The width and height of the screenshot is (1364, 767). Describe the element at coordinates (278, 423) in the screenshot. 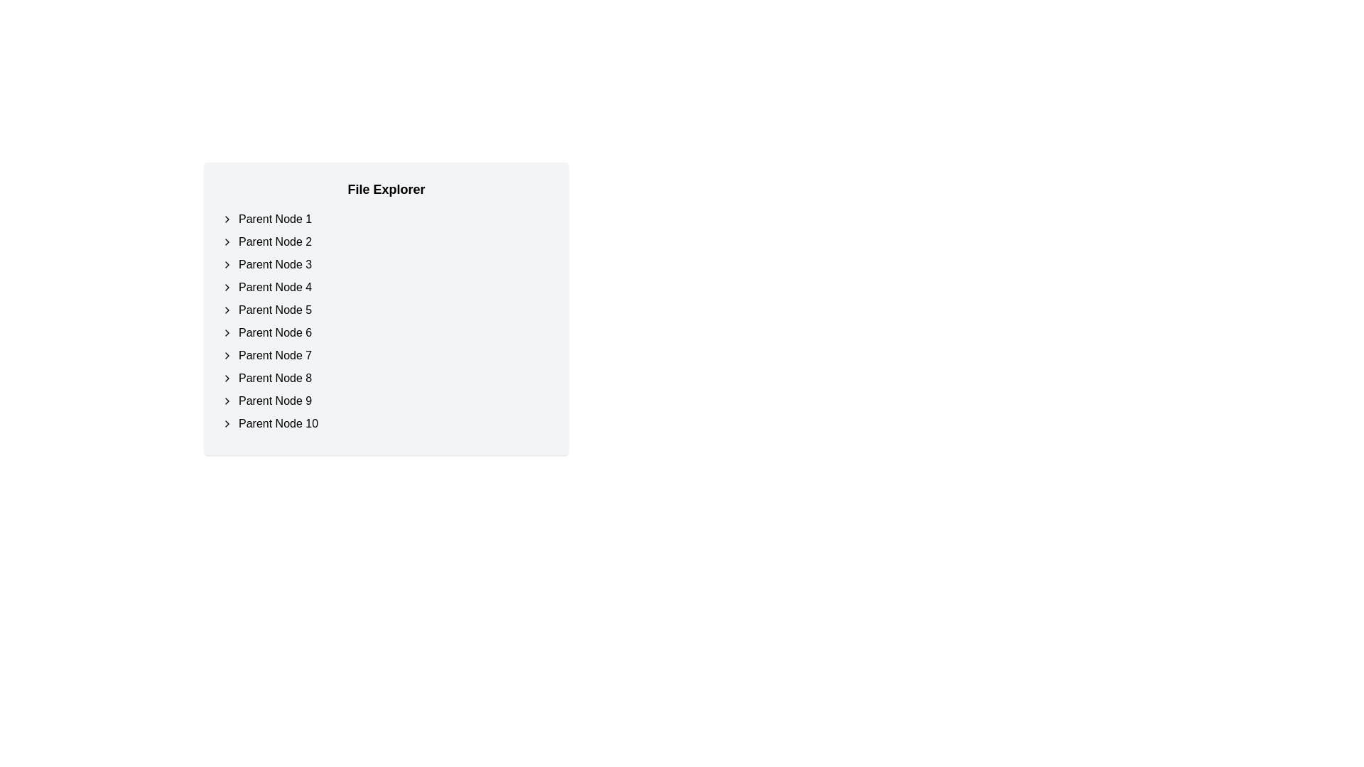

I see `the tenth text label in the 'File Explorer' interface, which represents a node or item in a hierarchical structure` at that location.